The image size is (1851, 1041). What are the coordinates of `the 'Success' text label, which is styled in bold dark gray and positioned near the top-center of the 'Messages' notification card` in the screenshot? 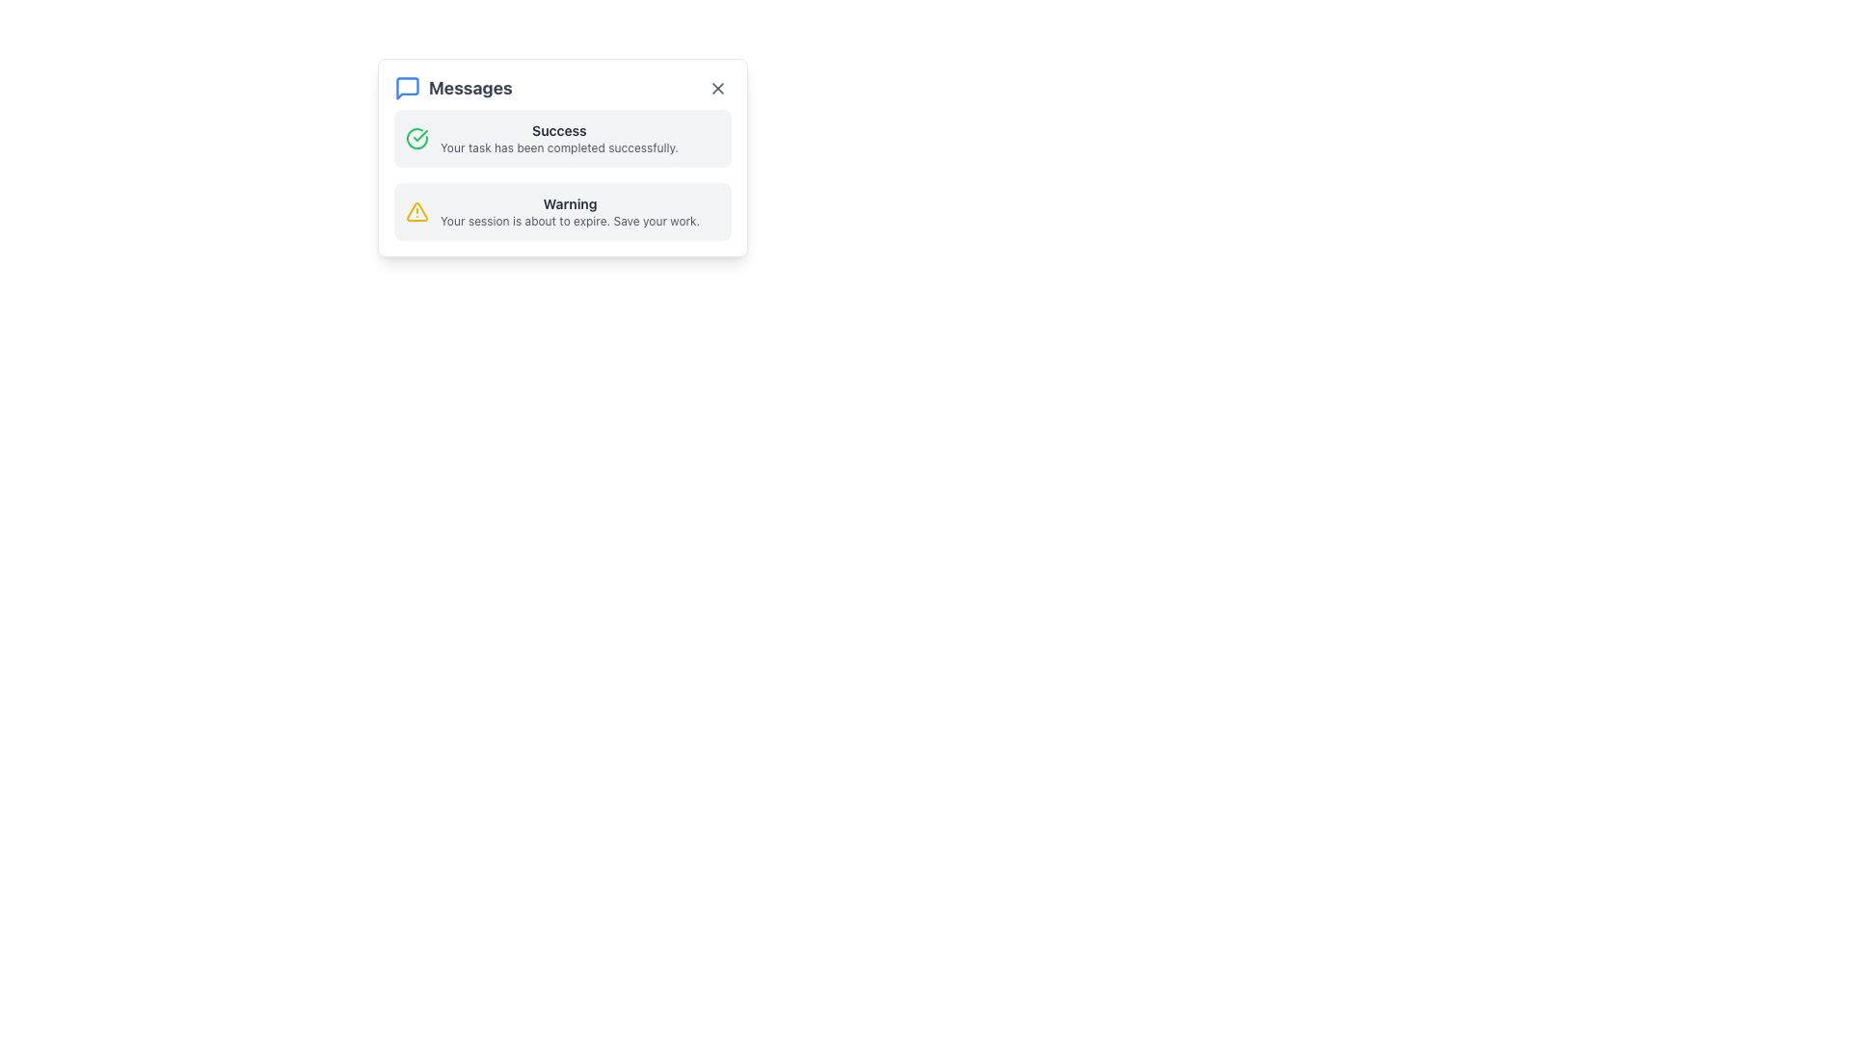 It's located at (558, 130).